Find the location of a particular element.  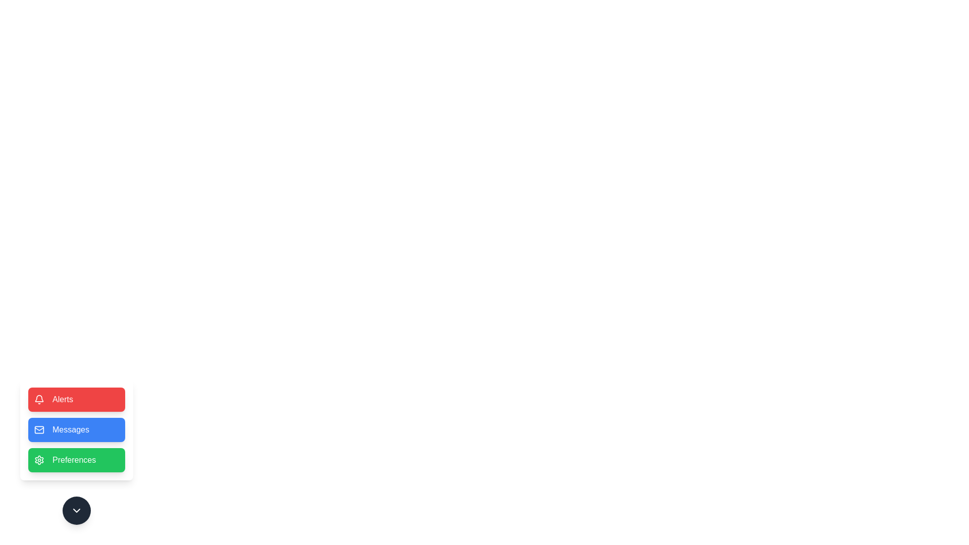

the Messages button to trigger its action is located at coordinates (76, 430).